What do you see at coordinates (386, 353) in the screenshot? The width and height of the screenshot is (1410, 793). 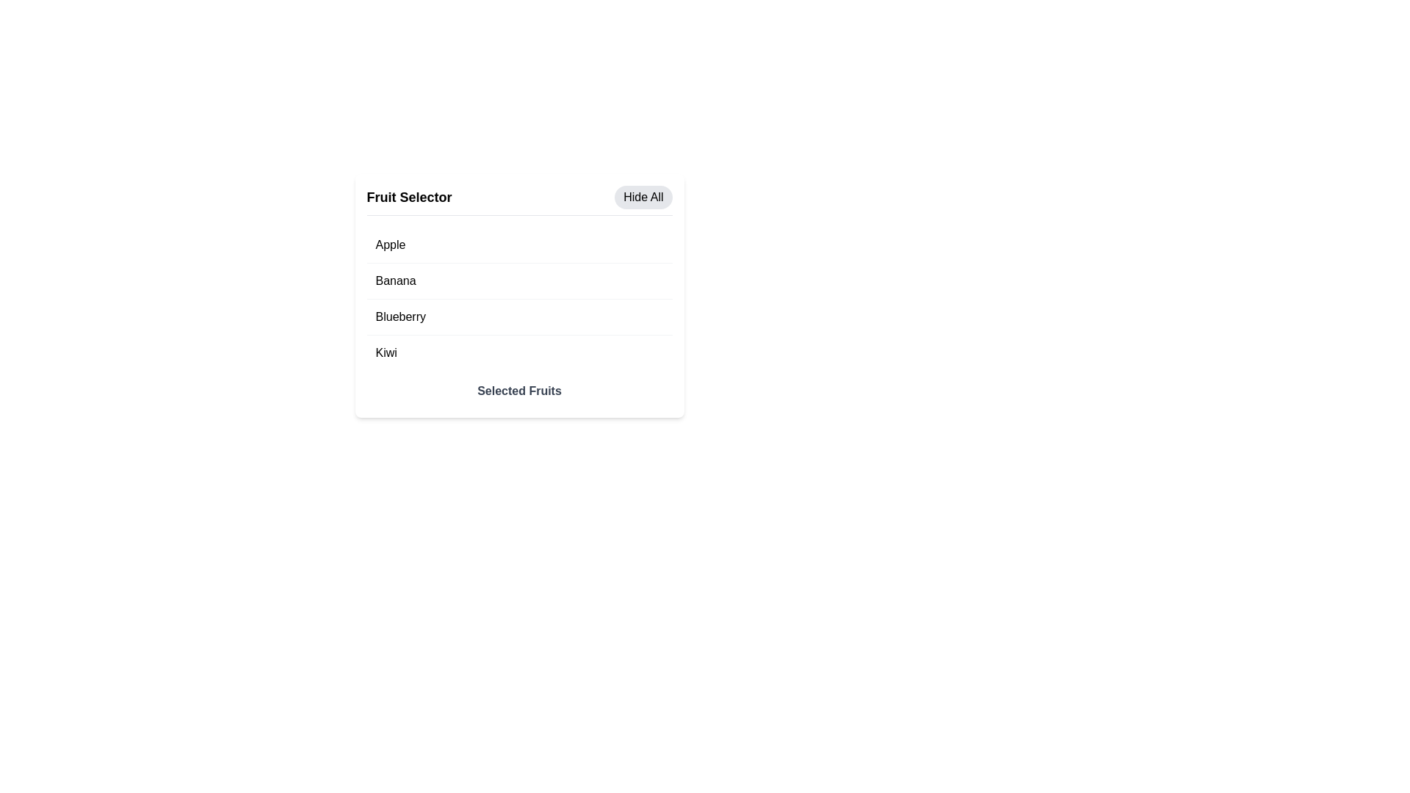 I see `the text label for the fruit name positioned as the fourth item in the list, located below 'Apple,' 'Banana,' and 'Blueberry,' and above 'Selected Fruits.'` at bounding box center [386, 353].